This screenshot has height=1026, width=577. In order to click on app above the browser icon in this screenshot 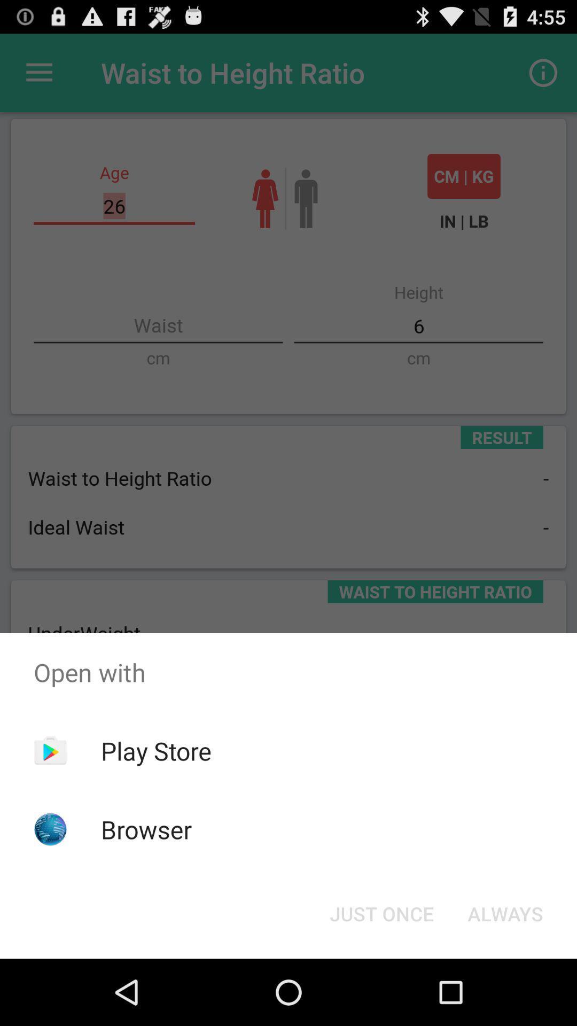, I will do `click(156, 750)`.